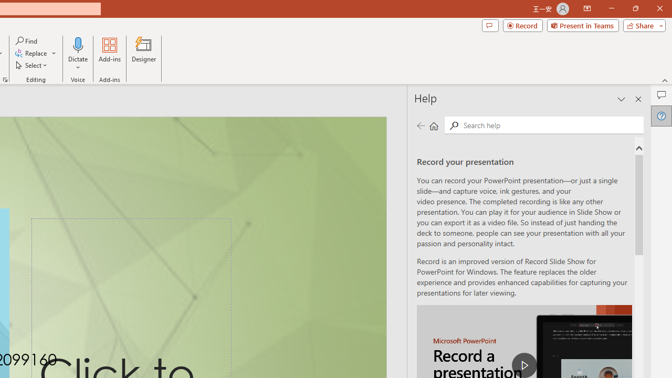  What do you see at coordinates (5, 79) in the screenshot?
I see `'Format Object...'` at bounding box center [5, 79].